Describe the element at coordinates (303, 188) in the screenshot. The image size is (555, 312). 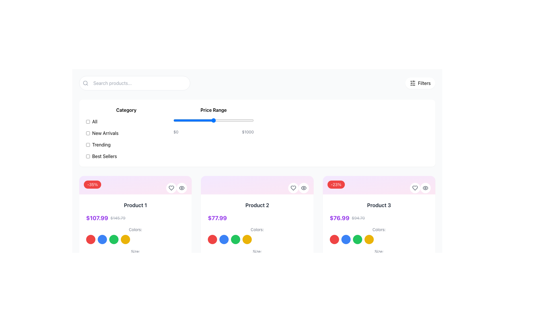
I see `the eye-shaped icon button in the top-right corner of the 'Product 2' card` at that location.